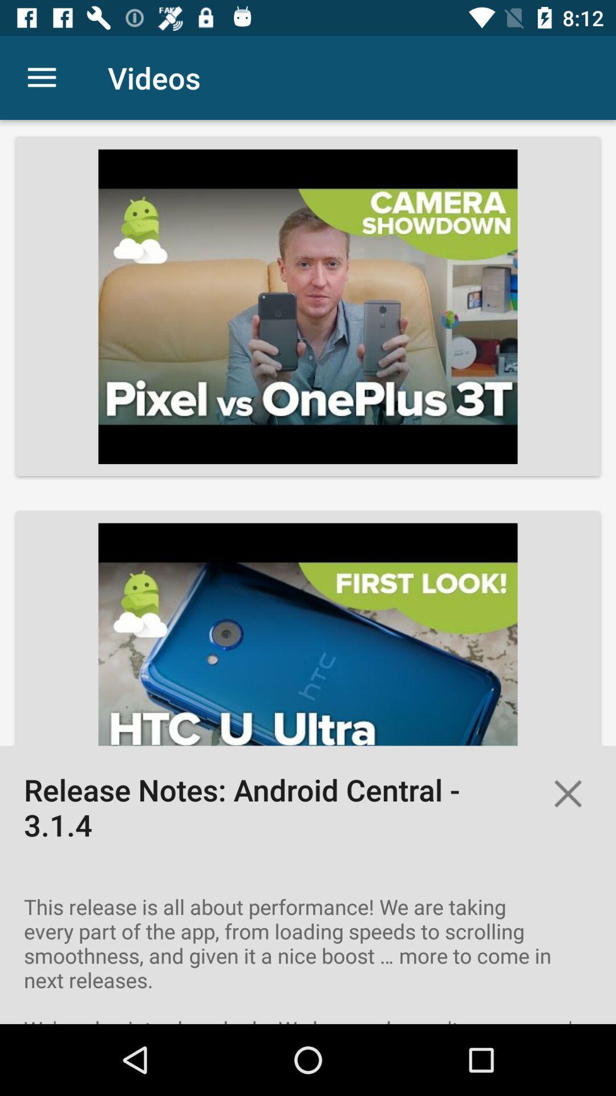 The image size is (616, 1096). What do you see at coordinates (568, 793) in the screenshot?
I see `the close icon` at bounding box center [568, 793].